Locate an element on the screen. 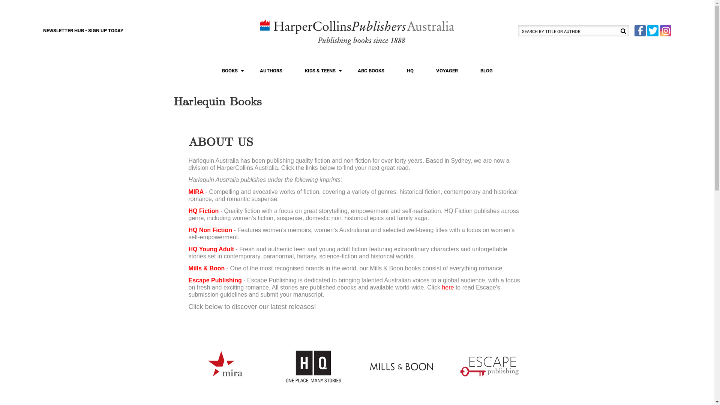 The height and width of the screenshot is (405, 720). 'hq' is located at coordinates (313, 366).